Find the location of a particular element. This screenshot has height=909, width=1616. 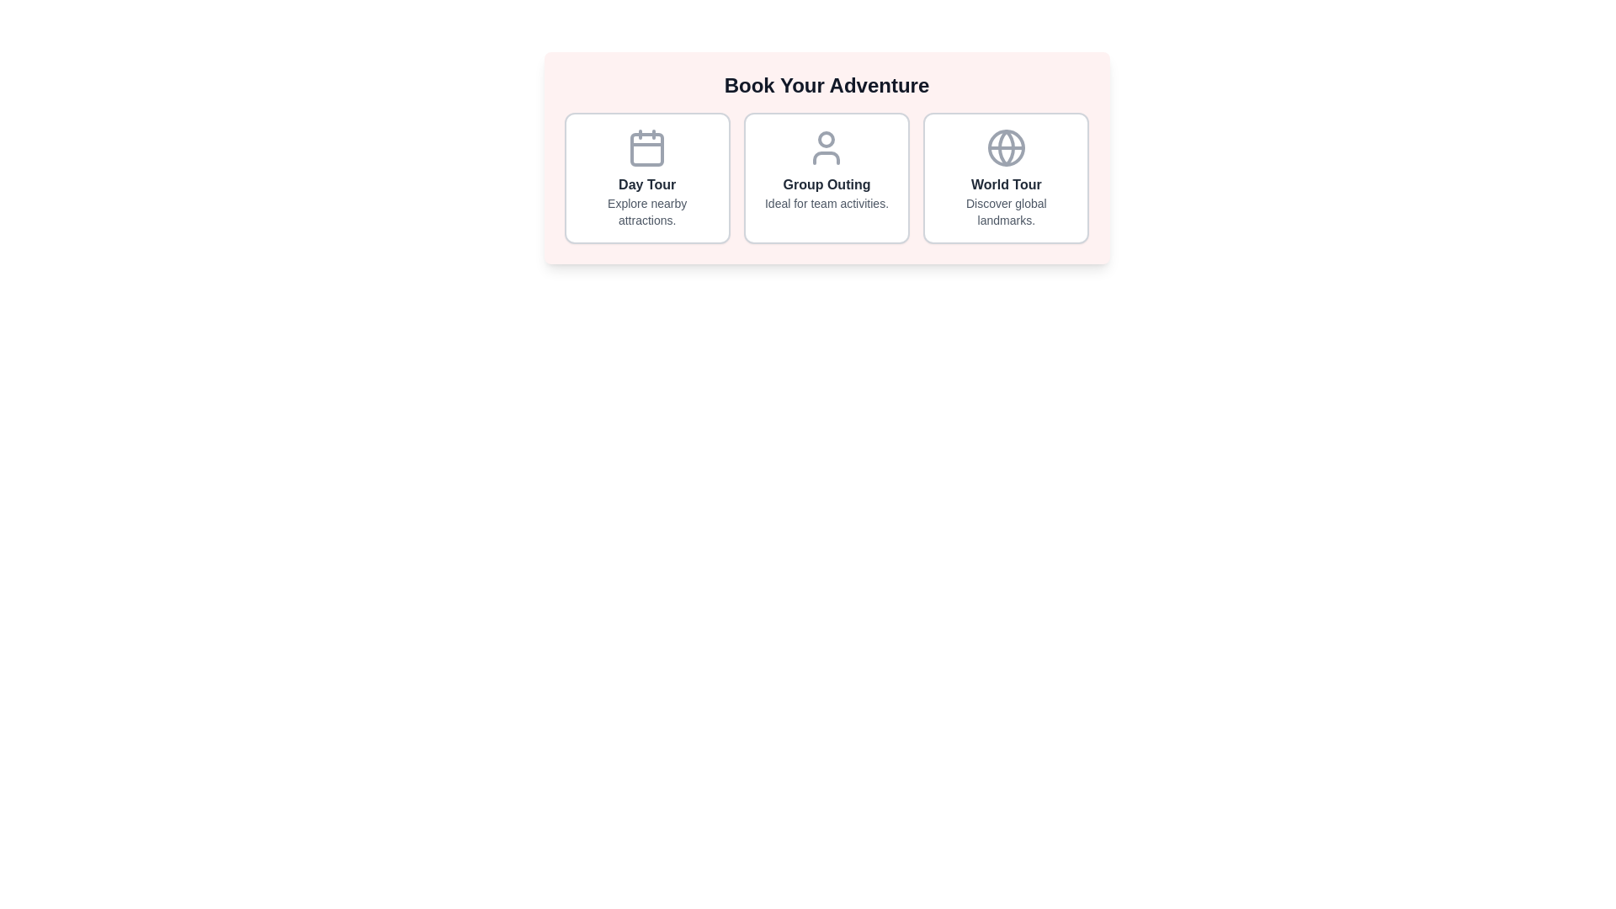

the Text Display element located below the 'Day Tour' heading in the first tile, which provides additional descriptive information about the 'Day Tour' option is located at coordinates (646, 210).